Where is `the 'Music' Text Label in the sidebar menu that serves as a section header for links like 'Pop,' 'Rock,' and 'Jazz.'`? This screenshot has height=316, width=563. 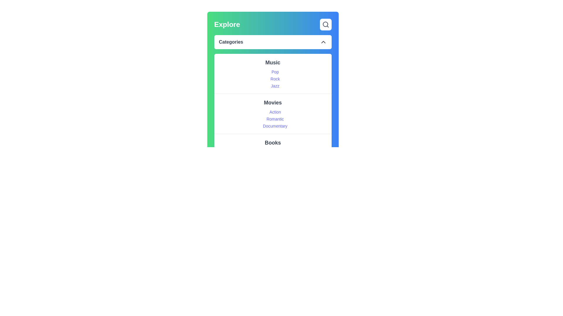
the 'Music' Text Label in the sidebar menu that serves as a section header for links like 'Pop,' 'Rock,' and 'Jazz.' is located at coordinates (272, 62).